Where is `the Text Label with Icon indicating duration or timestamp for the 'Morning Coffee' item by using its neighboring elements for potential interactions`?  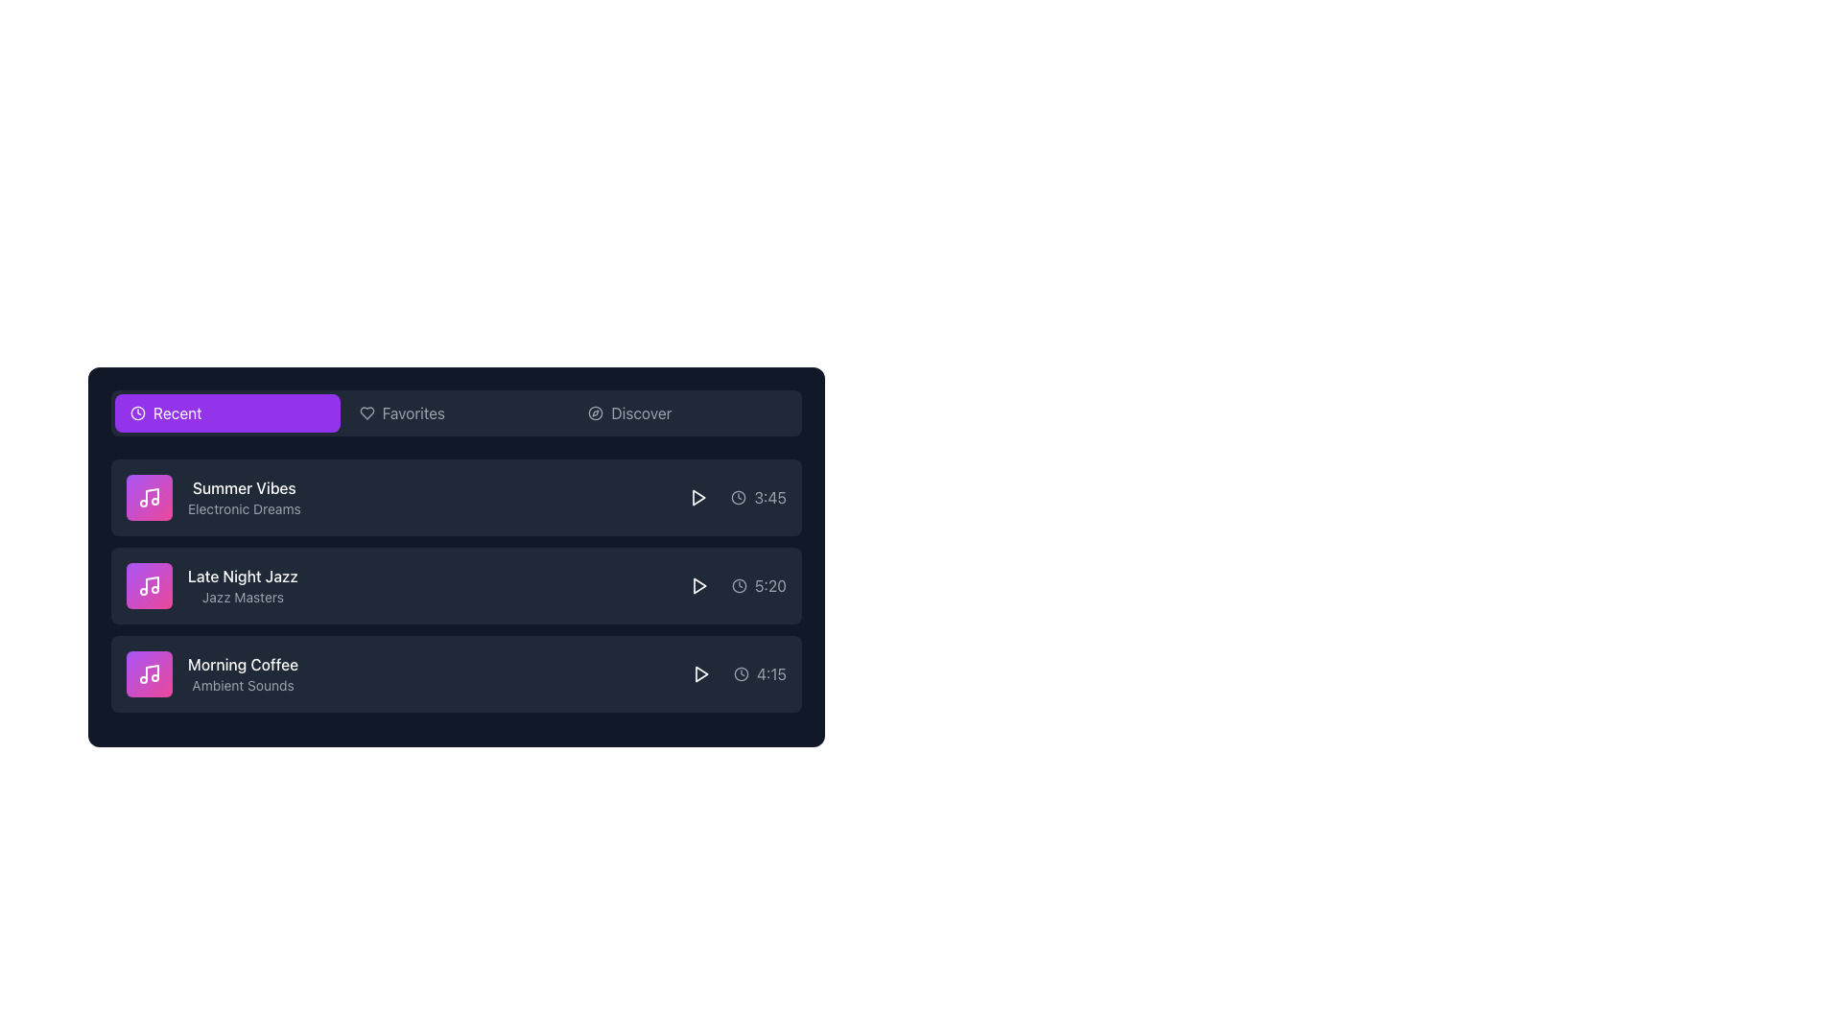
the Text Label with Icon indicating duration or timestamp for the 'Morning Coffee' item by using its neighboring elements for potential interactions is located at coordinates (734, 672).